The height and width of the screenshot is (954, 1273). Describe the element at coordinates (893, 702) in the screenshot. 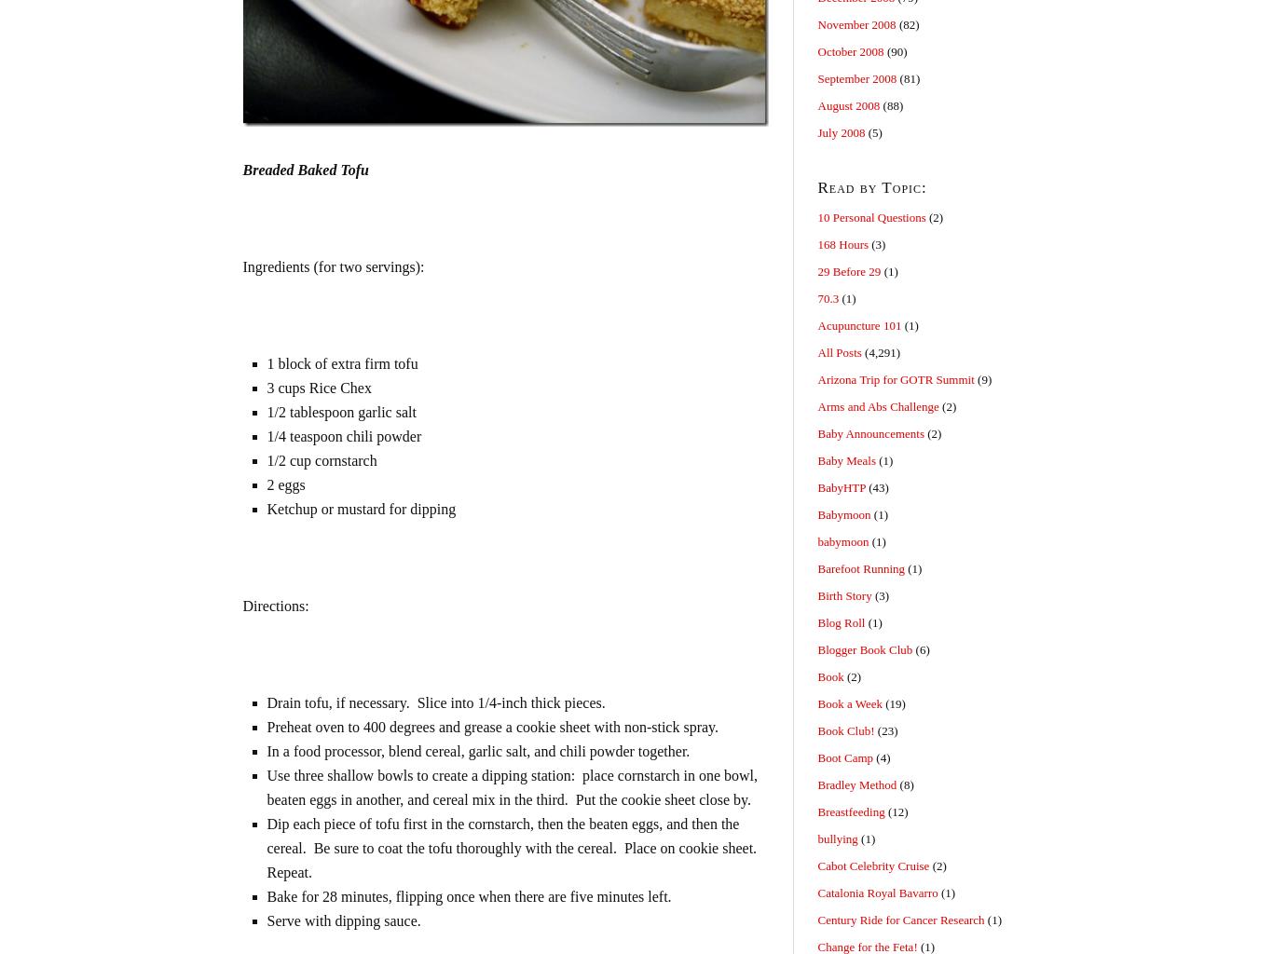

I see `'(19)'` at that location.